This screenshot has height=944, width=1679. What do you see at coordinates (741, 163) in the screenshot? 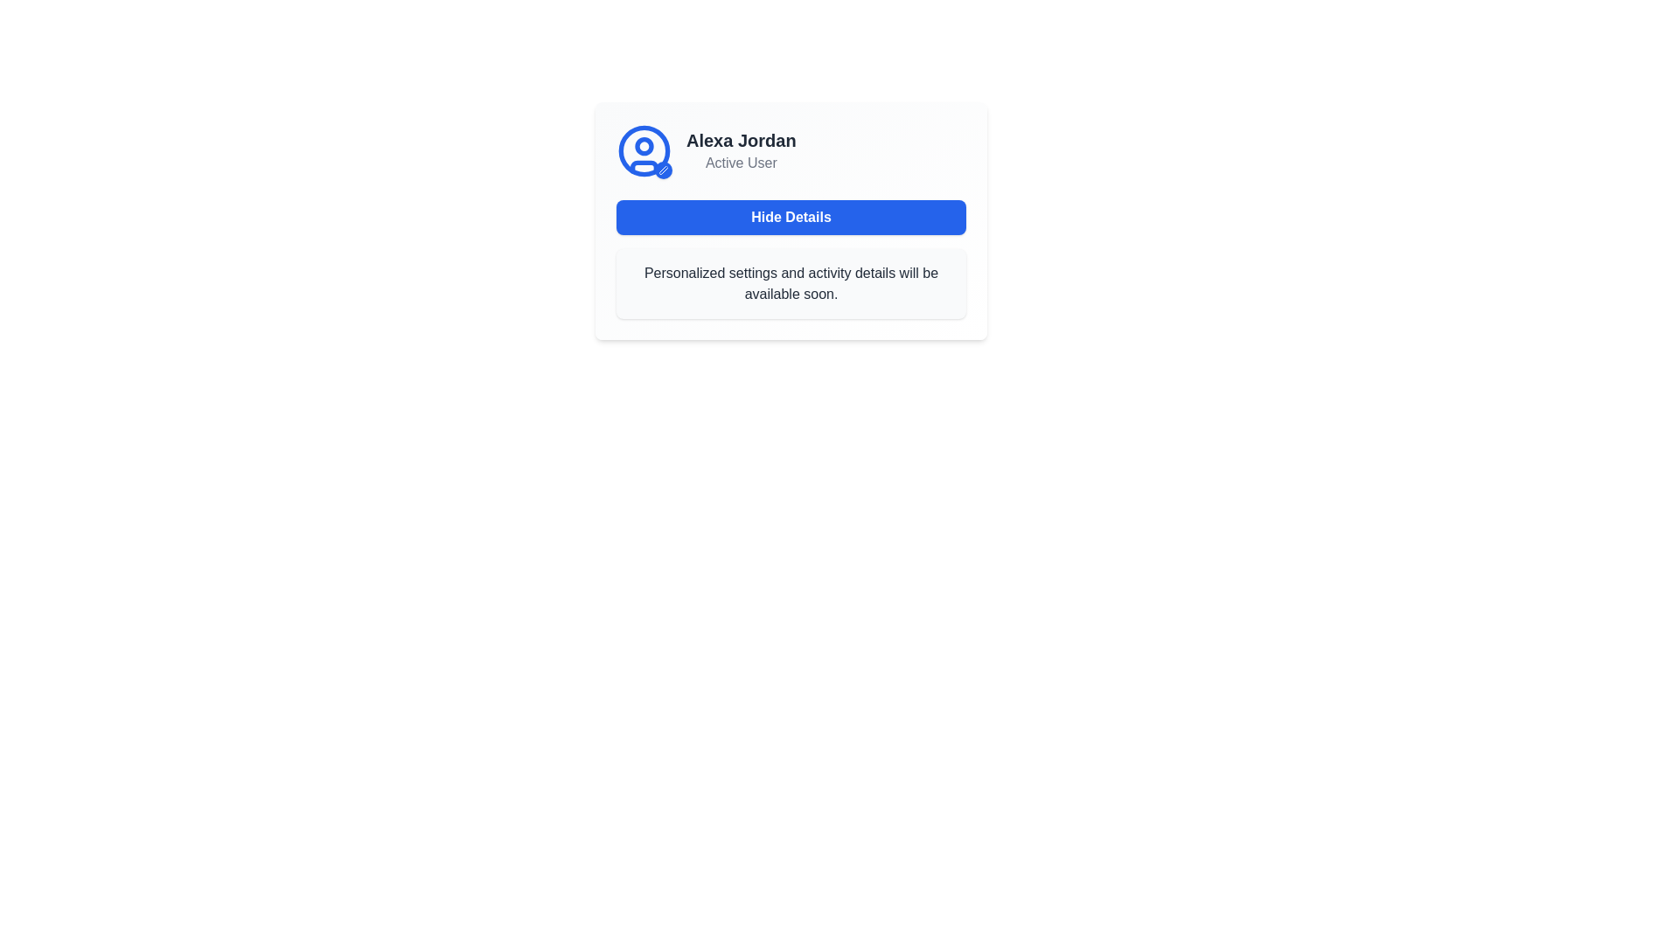
I see `text label 'Active User' which is styled in gray, located below the name 'Alexa Jordan' within the profile section` at bounding box center [741, 163].